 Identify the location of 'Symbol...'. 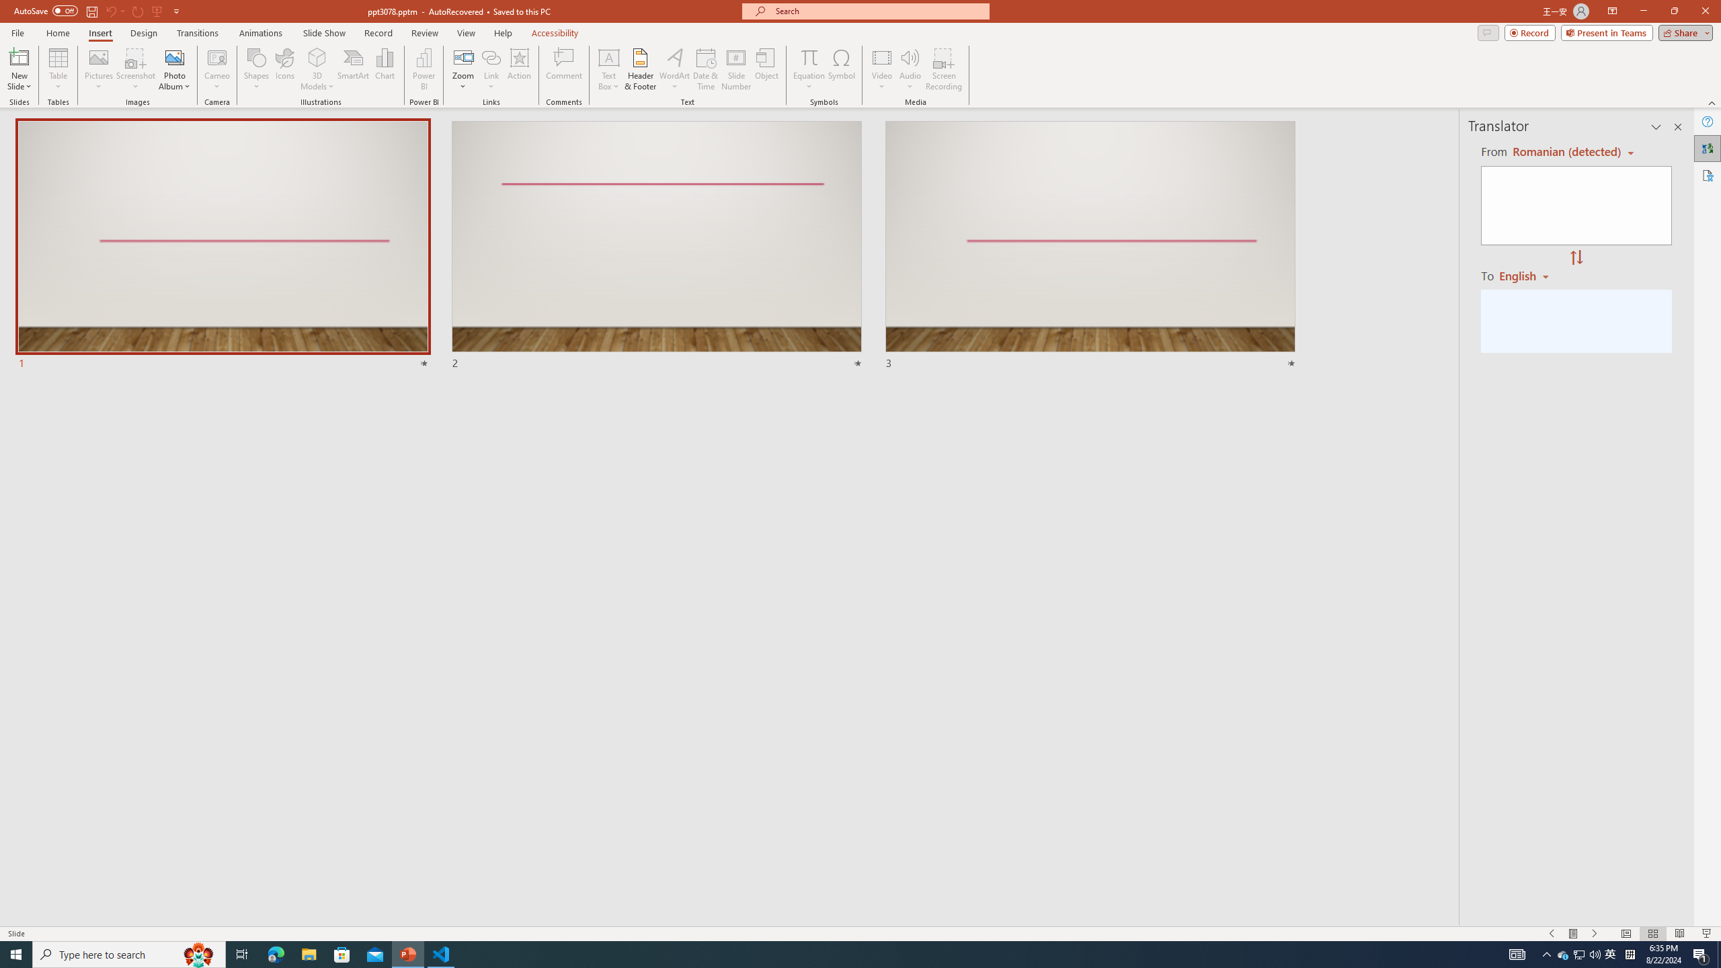
(841, 69).